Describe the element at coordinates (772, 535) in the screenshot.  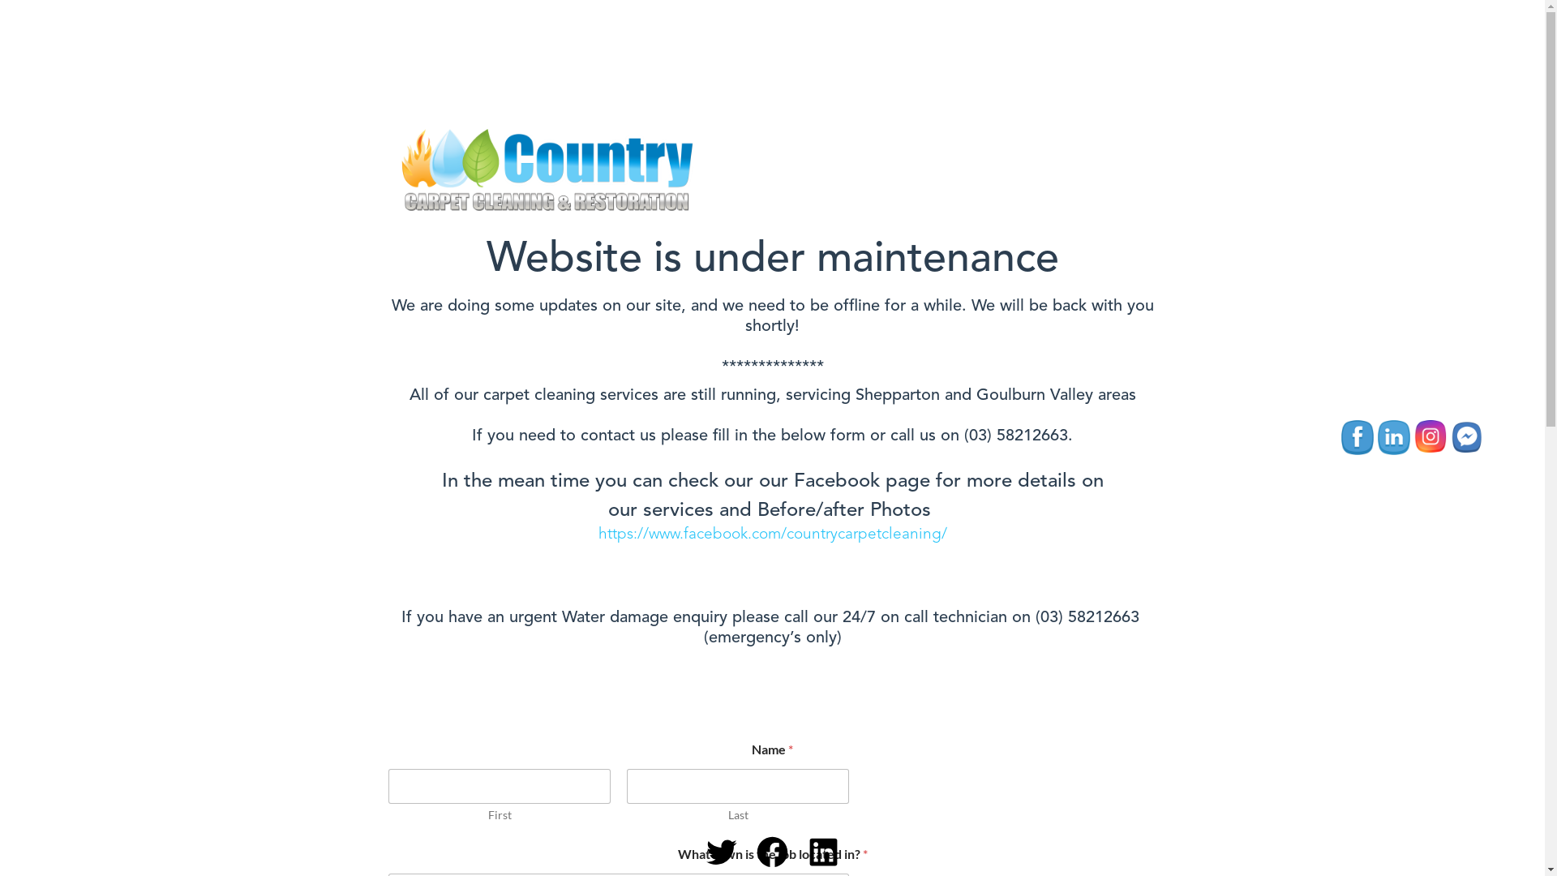
I see `'https://www.facebook.com/countrycarpetcleaning/'` at that location.